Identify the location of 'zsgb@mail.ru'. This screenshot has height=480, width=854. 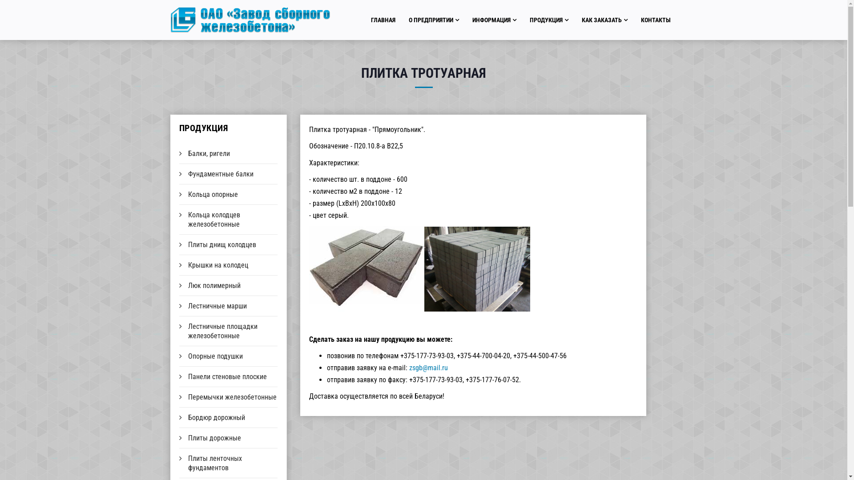
(409, 368).